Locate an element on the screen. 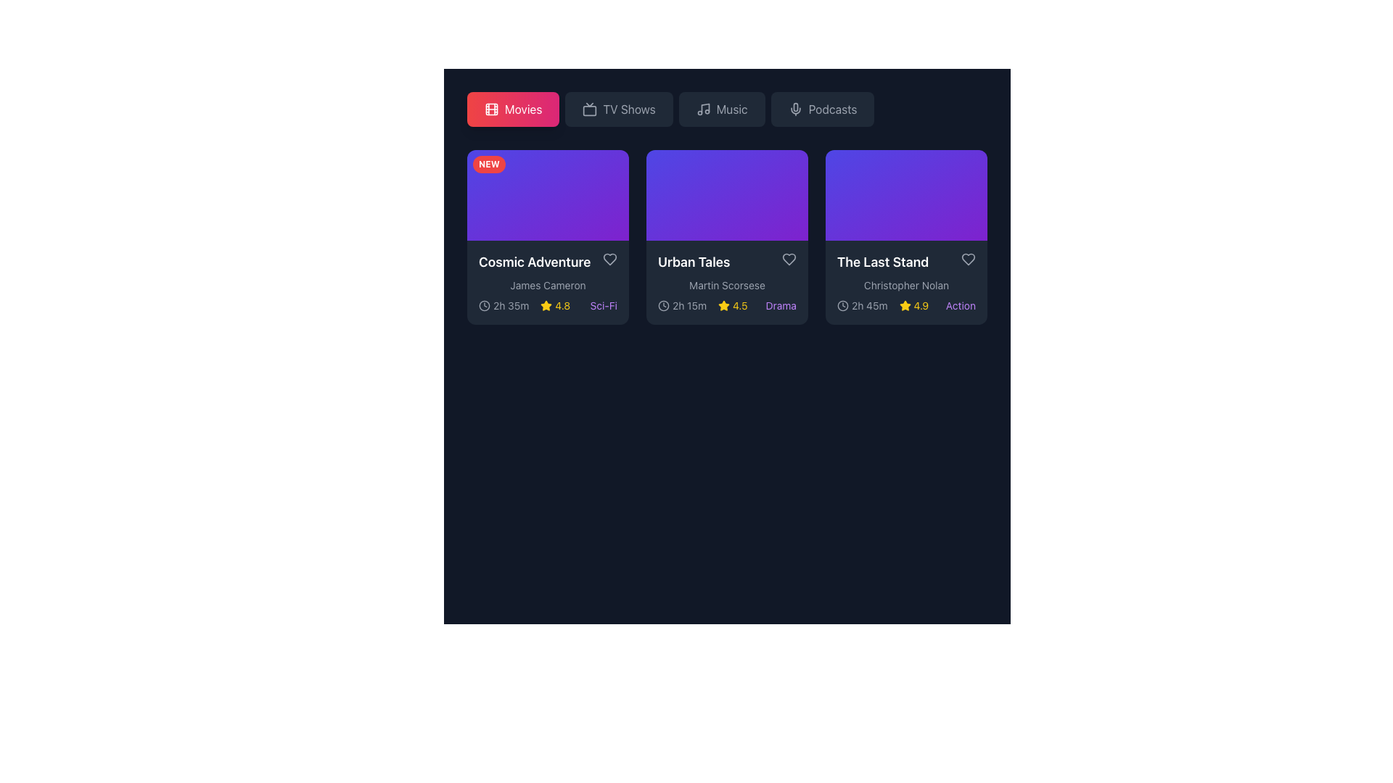 Image resolution: width=1393 pixels, height=783 pixels. the second card in the horizontal layout representing a movie or show is located at coordinates (727, 236).